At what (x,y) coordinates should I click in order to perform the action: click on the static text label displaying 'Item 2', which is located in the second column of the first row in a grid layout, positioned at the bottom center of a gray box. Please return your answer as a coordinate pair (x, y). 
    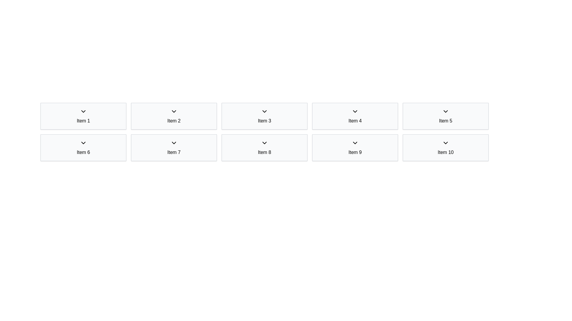
    Looking at the image, I should click on (174, 121).